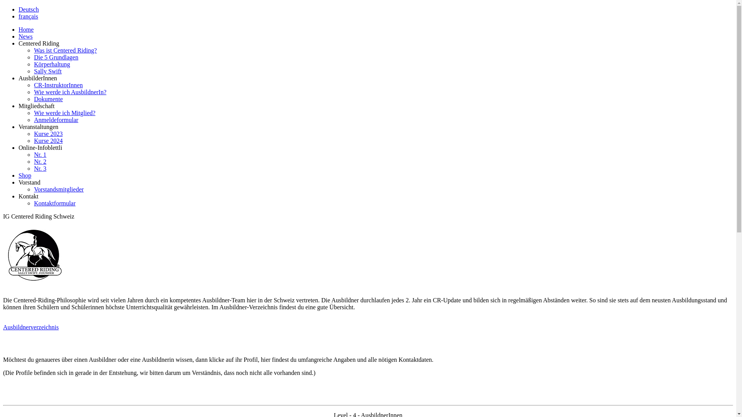 Image resolution: width=742 pixels, height=417 pixels. Describe the element at coordinates (70, 92) in the screenshot. I see `'Wie werde ich AusbildnerIn?'` at that location.